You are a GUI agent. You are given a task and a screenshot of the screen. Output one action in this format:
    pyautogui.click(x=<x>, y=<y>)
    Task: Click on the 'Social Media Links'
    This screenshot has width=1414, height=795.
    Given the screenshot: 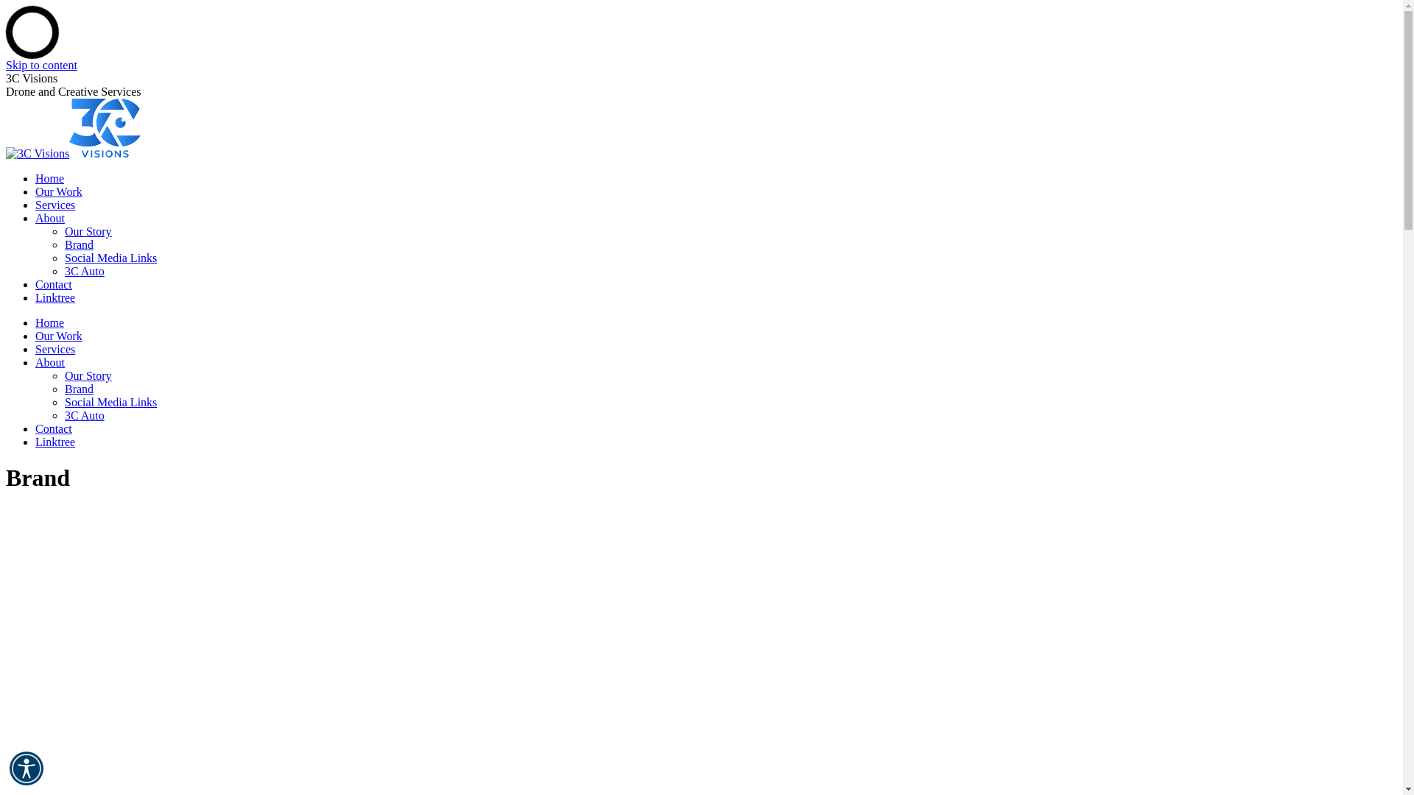 What is the action you would take?
    pyautogui.click(x=110, y=402)
    